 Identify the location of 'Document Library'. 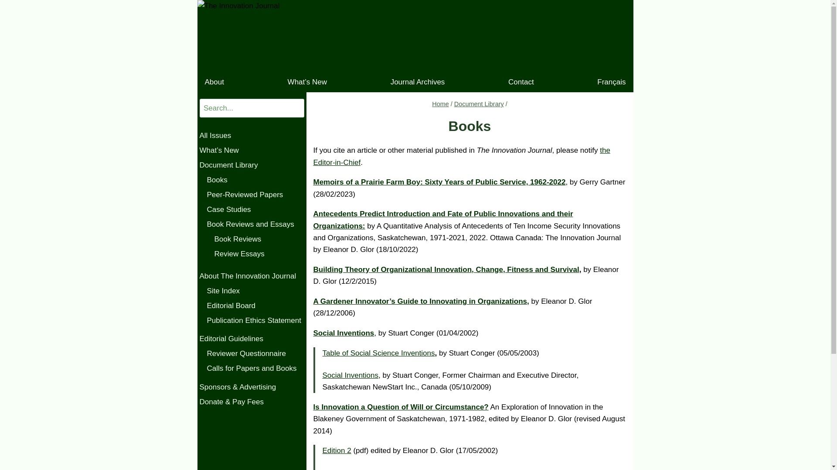
(479, 104).